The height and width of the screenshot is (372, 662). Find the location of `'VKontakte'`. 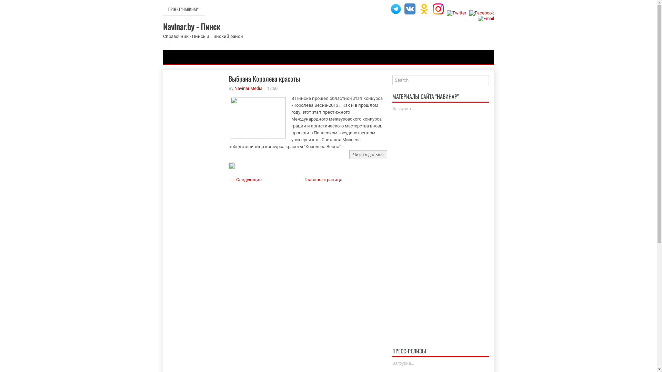

'VKontakte' is located at coordinates (410, 9).